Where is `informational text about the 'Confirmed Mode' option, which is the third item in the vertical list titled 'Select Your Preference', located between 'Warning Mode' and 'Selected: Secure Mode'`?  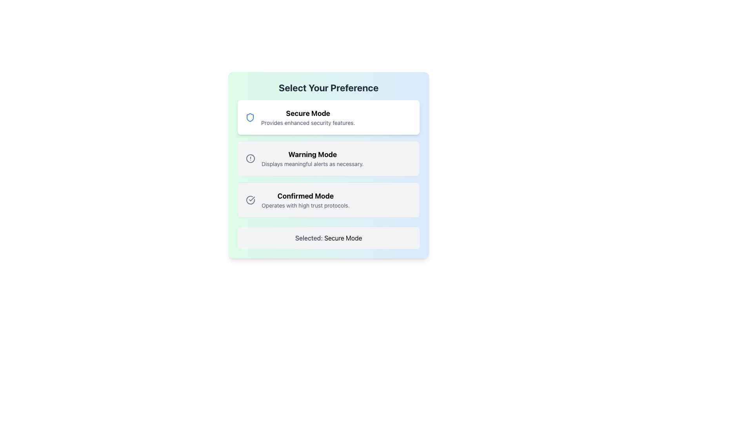
informational text about the 'Confirmed Mode' option, which is the third item in the vertical list titled 'Select Your Preference', located between 'Warning Mode' and 'Selected: Secure Mode' is located at coordinates (305, 199).